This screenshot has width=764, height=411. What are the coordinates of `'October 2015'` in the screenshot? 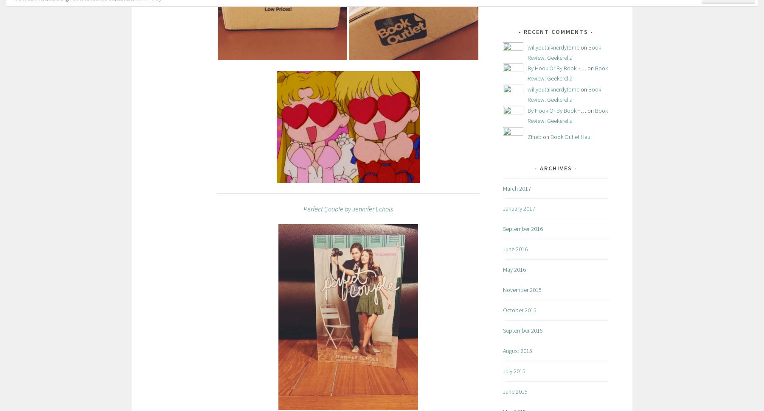 It's located at (519, 309).